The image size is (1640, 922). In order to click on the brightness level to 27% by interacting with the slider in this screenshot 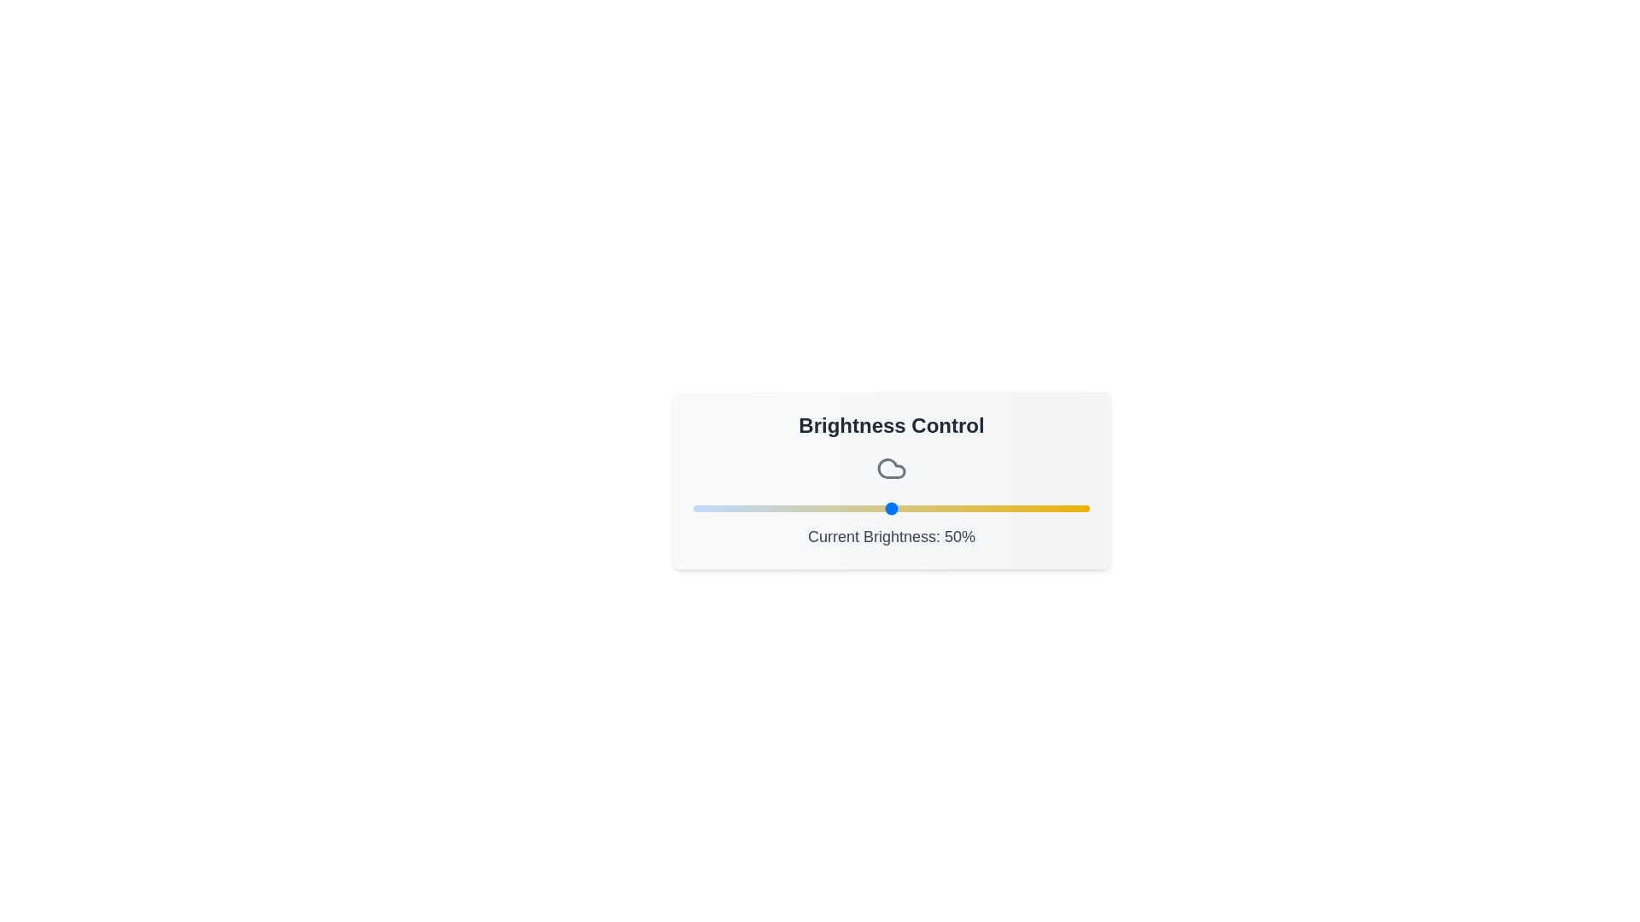, I will do `click(799, 508)`.